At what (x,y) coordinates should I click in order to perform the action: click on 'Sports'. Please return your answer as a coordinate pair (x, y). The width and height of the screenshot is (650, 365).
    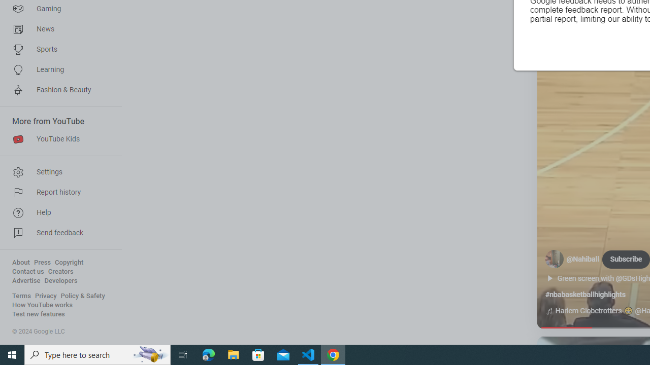
    Looking at the image, I should click on (57, 49).